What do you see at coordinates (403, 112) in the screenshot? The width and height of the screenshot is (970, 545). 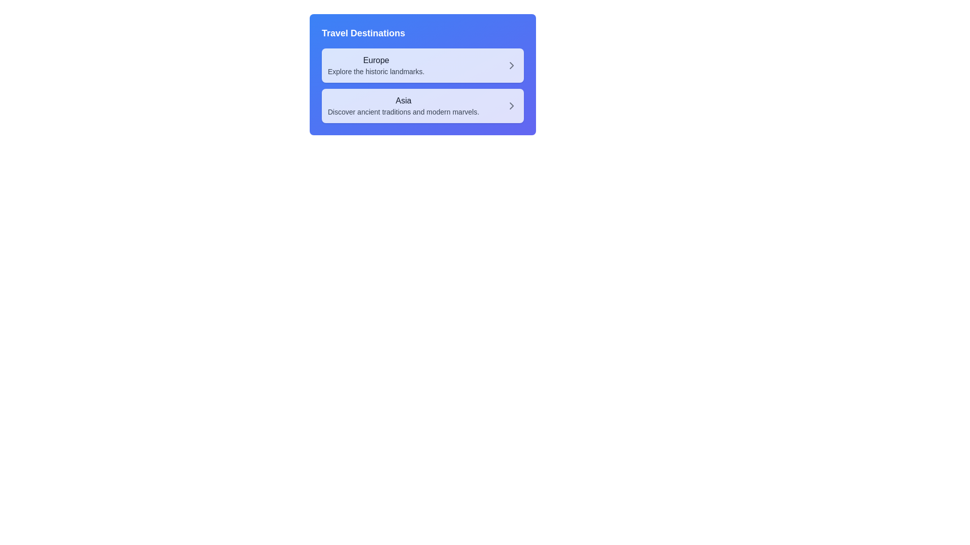 I see `the non-interactive text label that reads 'Discover ancient traditions and modern marvels.' which is styled with a smaller font size and light gray color, positioned directly underneath the bold 'Asia' title in the second travel option card` at bounding box center [403, 112].